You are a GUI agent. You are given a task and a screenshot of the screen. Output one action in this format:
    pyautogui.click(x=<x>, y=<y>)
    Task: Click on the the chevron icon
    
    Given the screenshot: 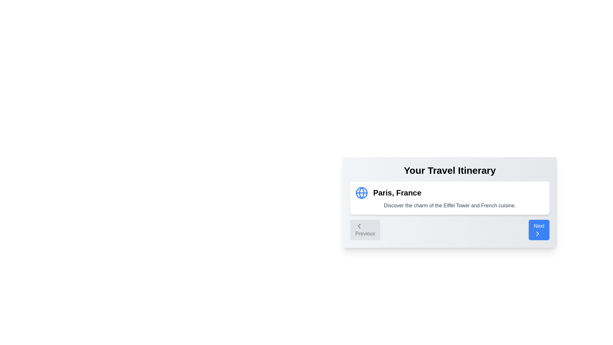 What is the action you would take?
    pyautogui.click(x=359, y=226)
    